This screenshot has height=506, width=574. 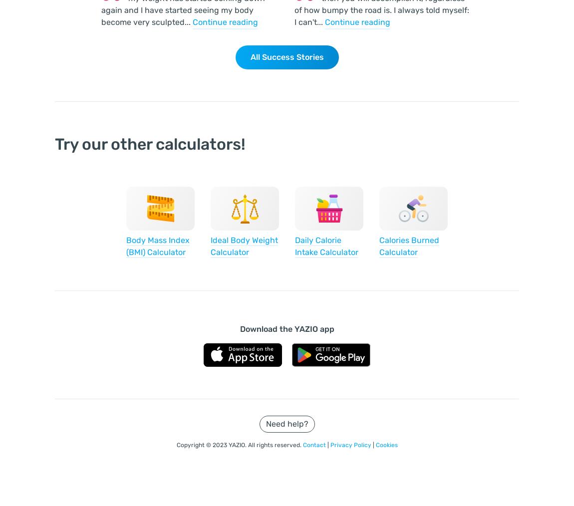 I want to click on 'Download the YAZIO app', so click(x=287, y=329).